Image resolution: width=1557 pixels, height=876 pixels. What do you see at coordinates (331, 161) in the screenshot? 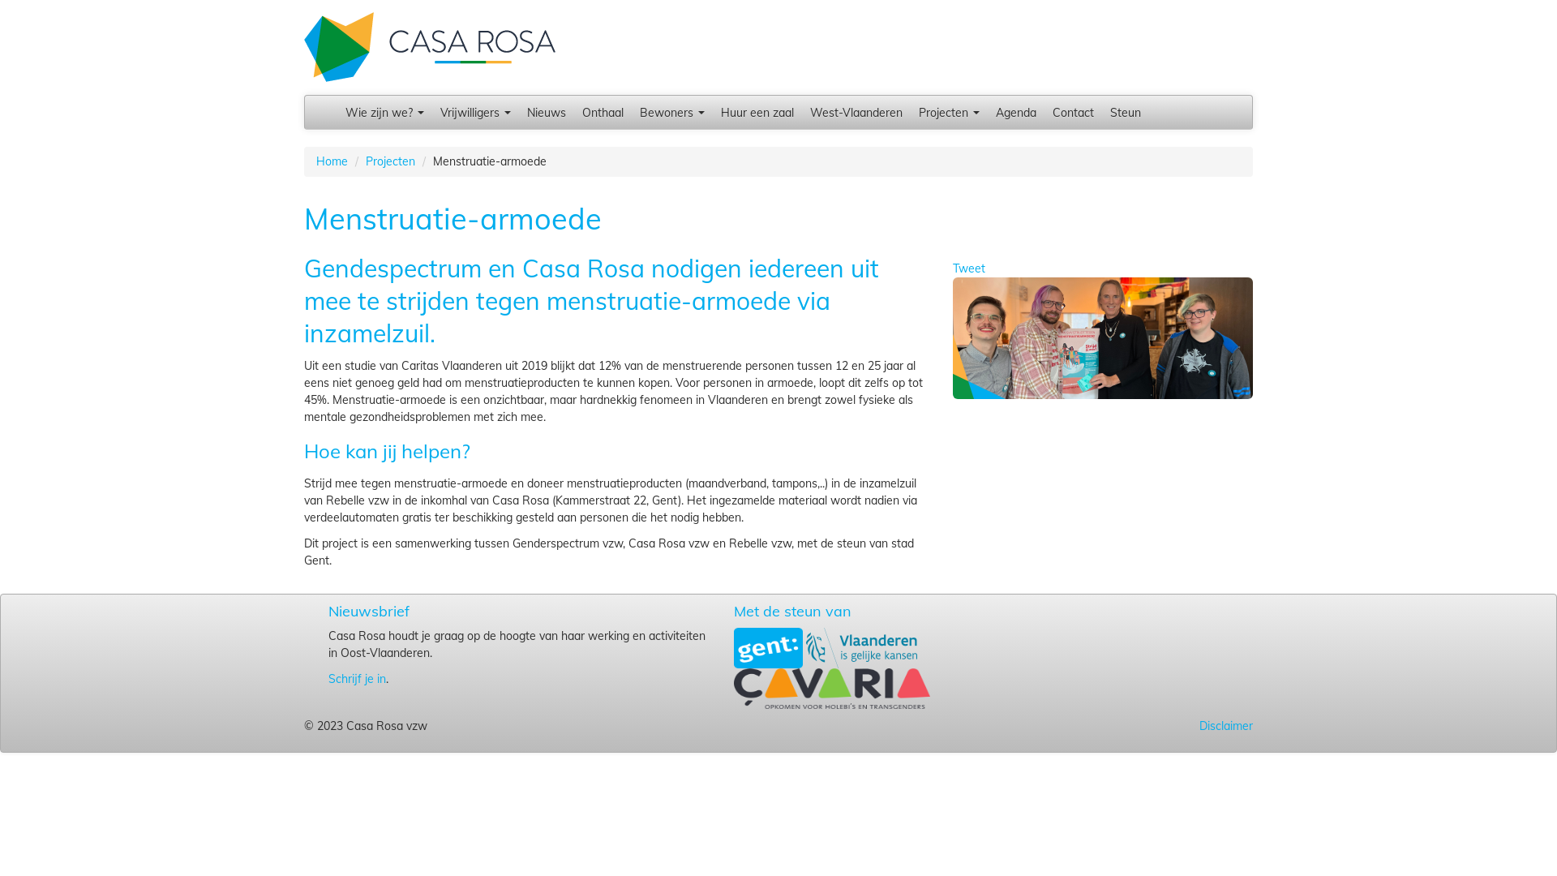
I see `'Home'` at bounding box center [331, 161].